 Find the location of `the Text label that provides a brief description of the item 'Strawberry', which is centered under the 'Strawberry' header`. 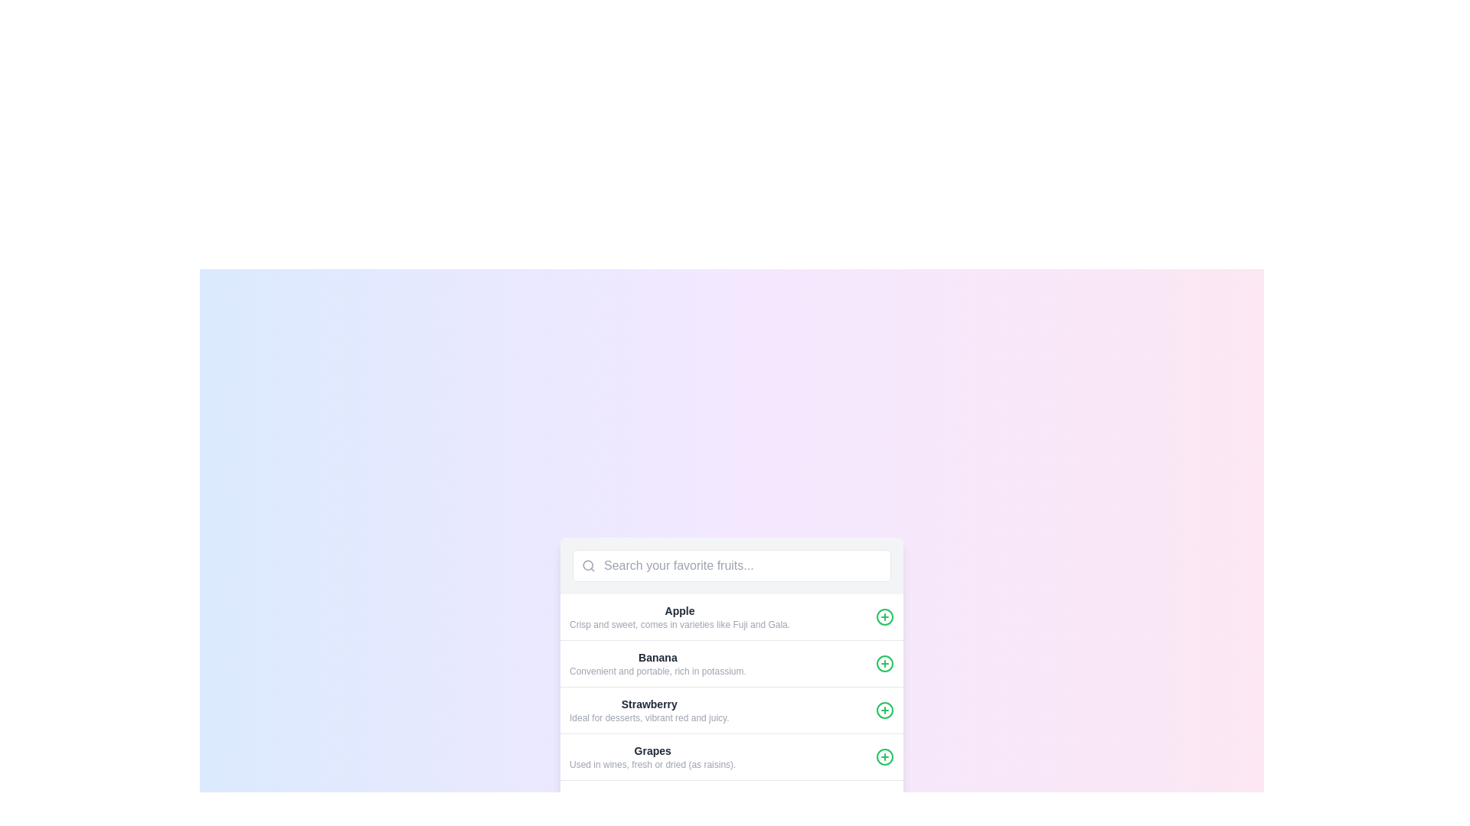

the Text label that provides a brief description of the item 'Strawberry', which is centered under the 'Strawberry' header is located at coordinates (649, 717).